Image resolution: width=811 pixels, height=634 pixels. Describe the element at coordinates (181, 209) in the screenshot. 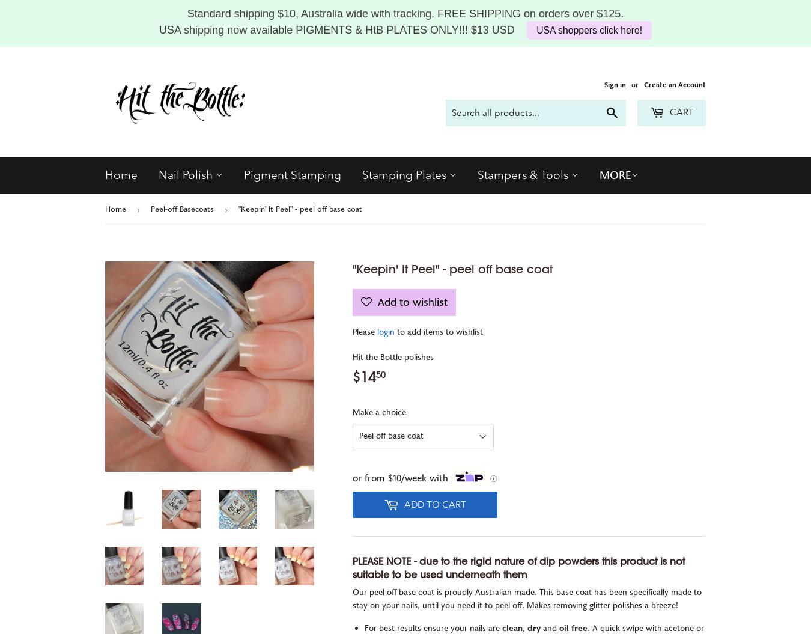

I see `'Peel-off Basecoats'` at that location.